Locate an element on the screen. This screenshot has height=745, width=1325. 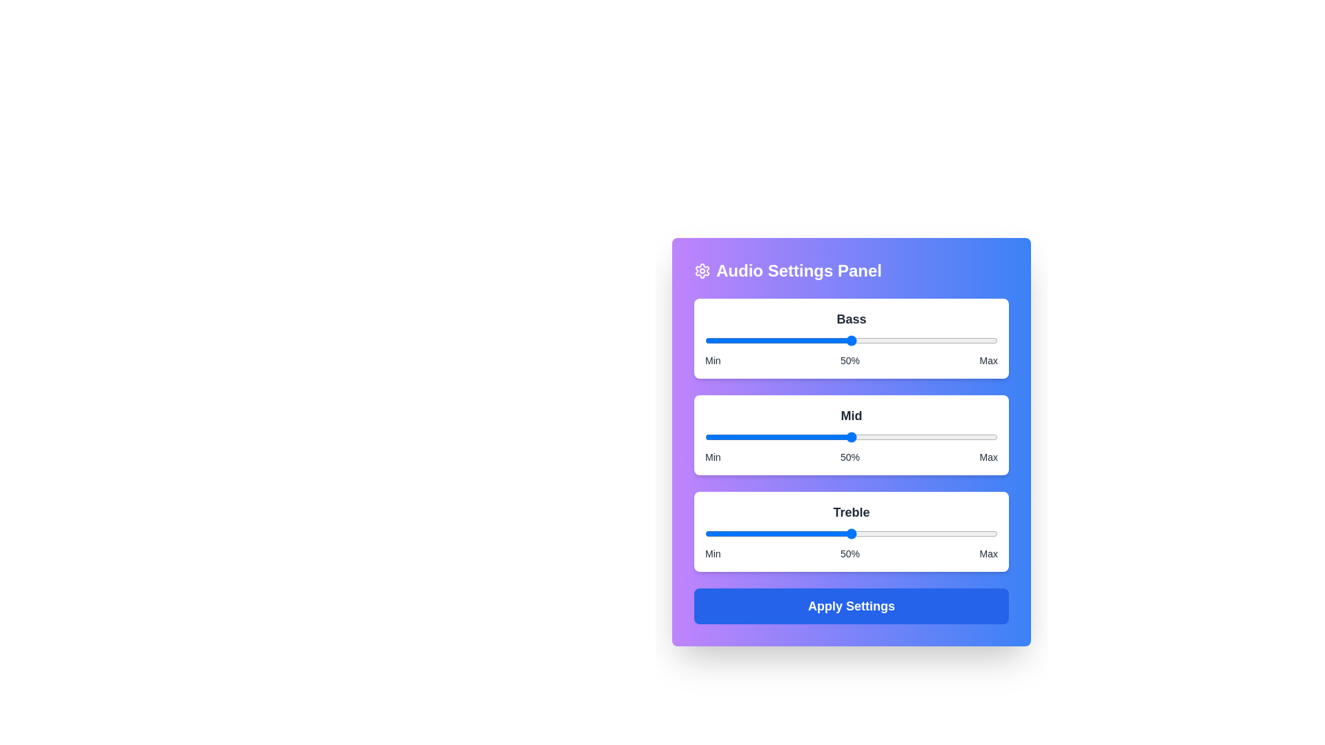
the bass level is located at coordinates (859, 340).